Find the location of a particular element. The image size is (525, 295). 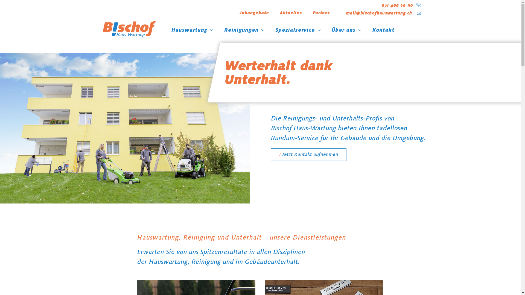

'Spezialservice' is located at coordinates (297, 32).